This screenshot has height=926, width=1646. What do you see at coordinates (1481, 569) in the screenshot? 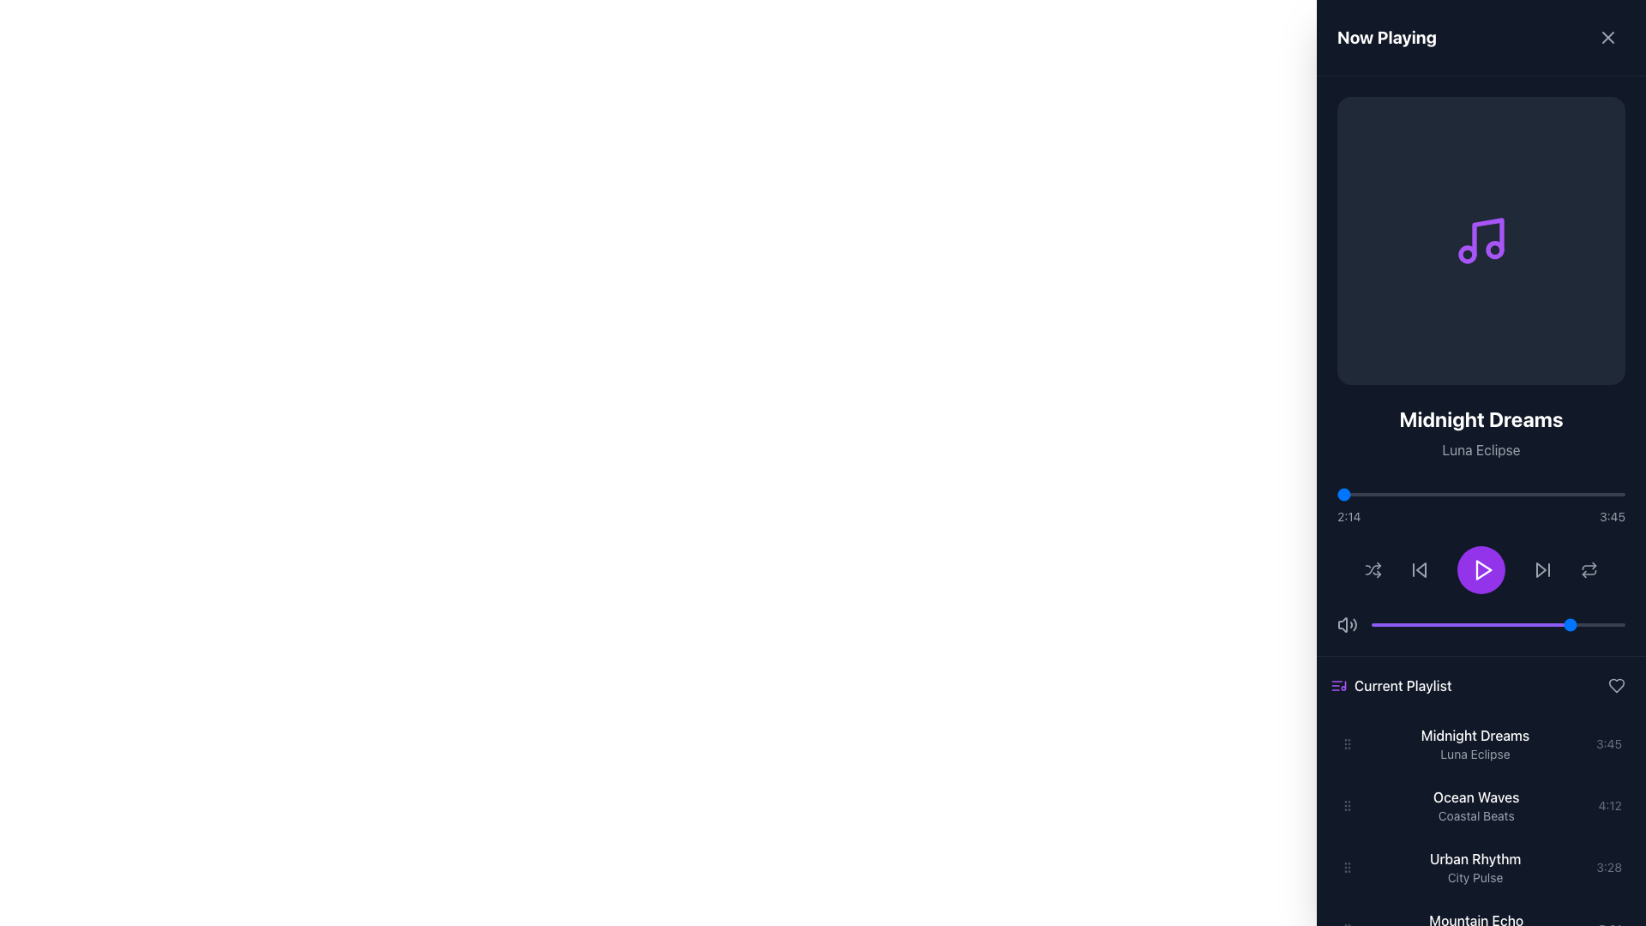
I see `the triangular play button icon within the purple circular button located in the center of the media control area to play media` at bounding box center [1481, 569].